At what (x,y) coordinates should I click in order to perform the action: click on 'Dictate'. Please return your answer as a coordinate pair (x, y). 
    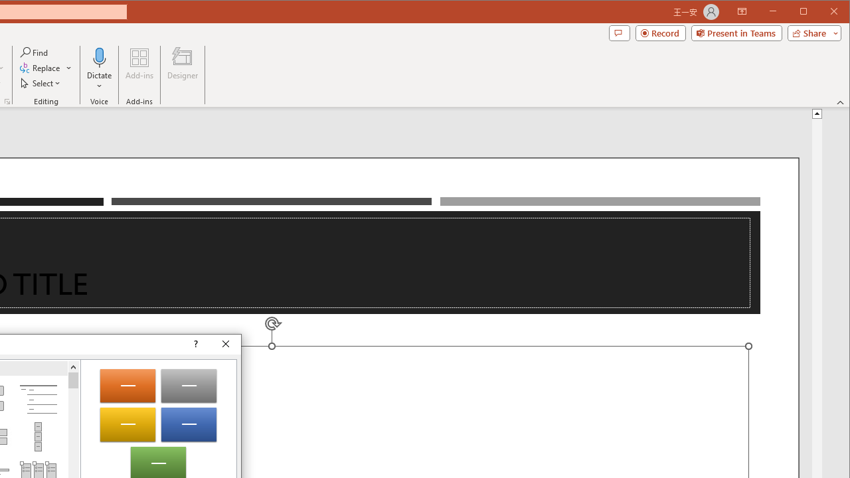
    Looking at the image, I should click on (99, 69).